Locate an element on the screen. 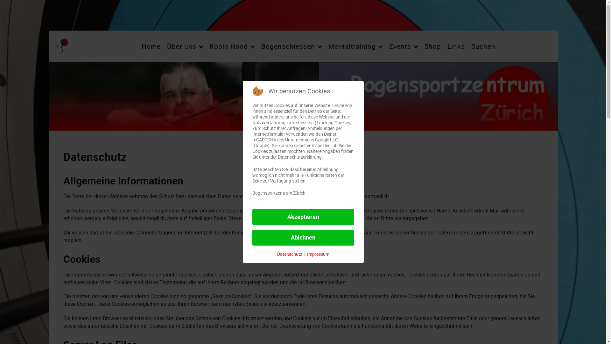 Image resolution: width=611 pixels, height=344 pixels. 'Impressum' is located at coordinates (318, 254).